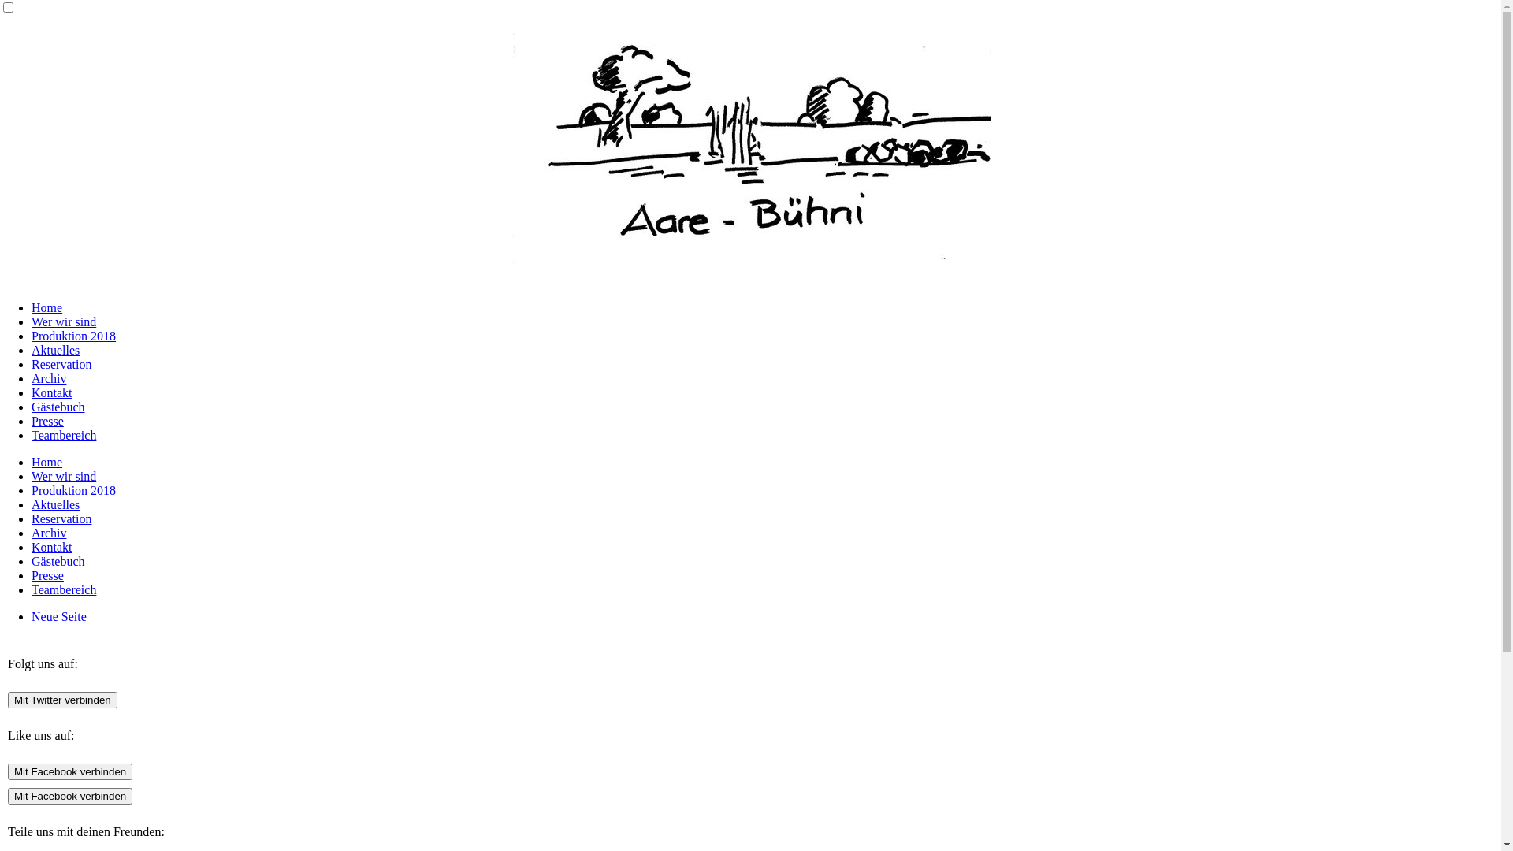 This screenshot has width=1513, height=851. I want to click on 'Archiv', so click(49, 378).